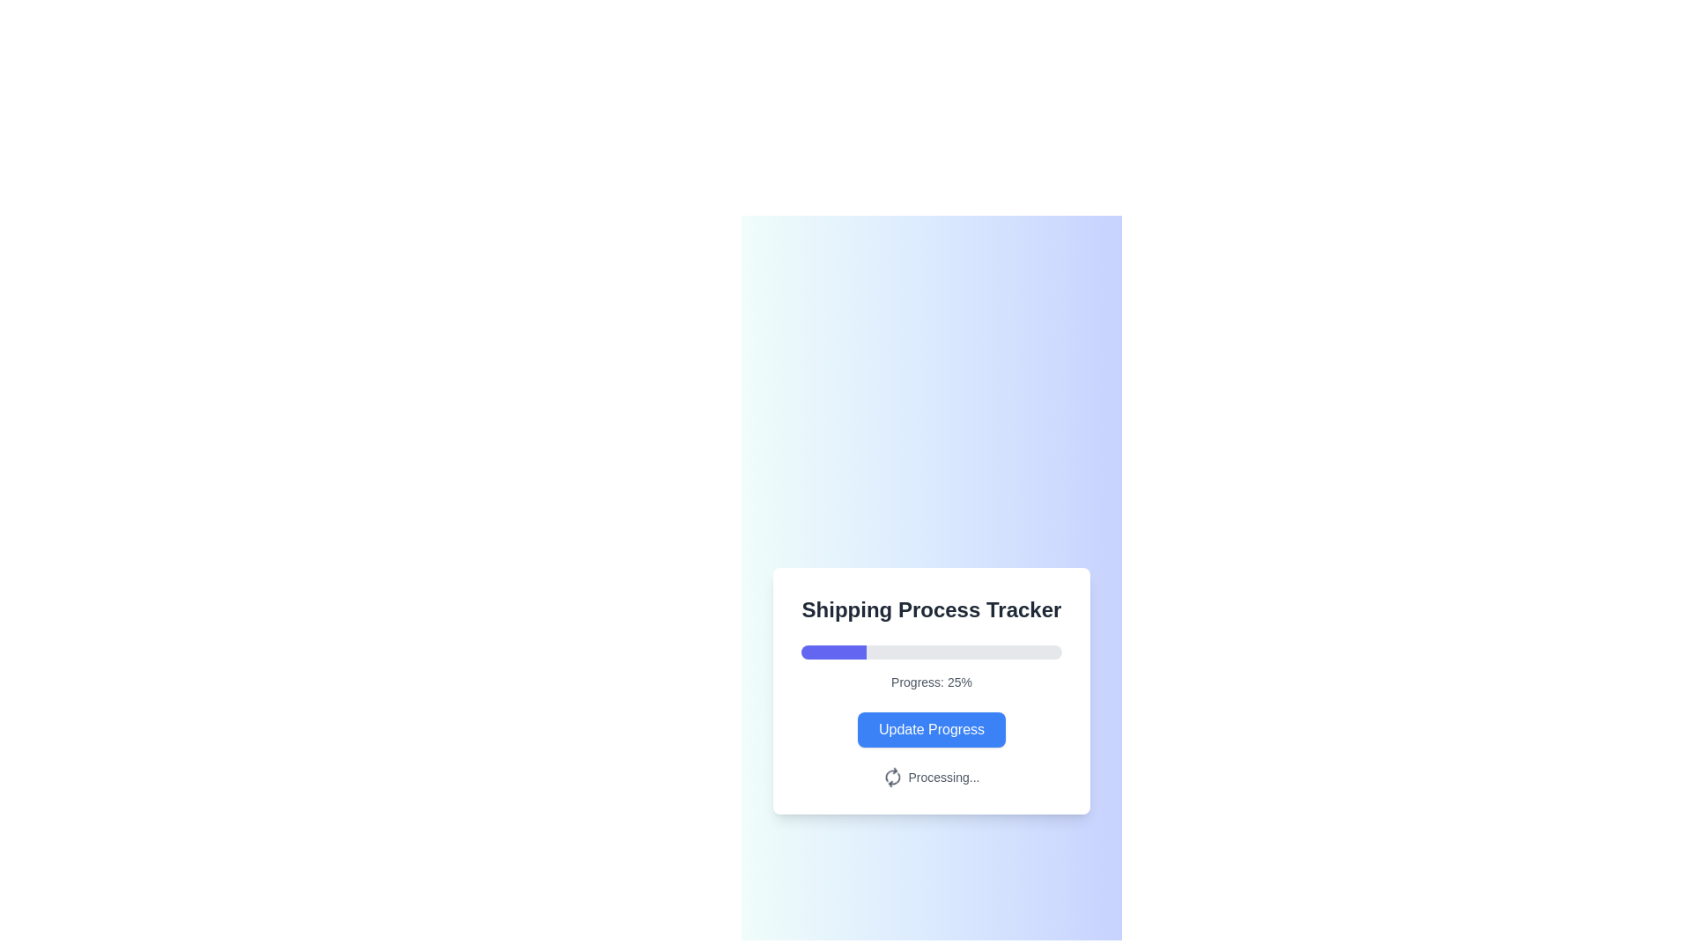 The width and height of the screenshot is (1691, 951). What do you see at coordinates (942, 777) in the screenshot?
I see `the status indicator text label located at the bottom of the card interface, adjacent to the left of the spinning refresh icon` at bounding box center [942, 777].